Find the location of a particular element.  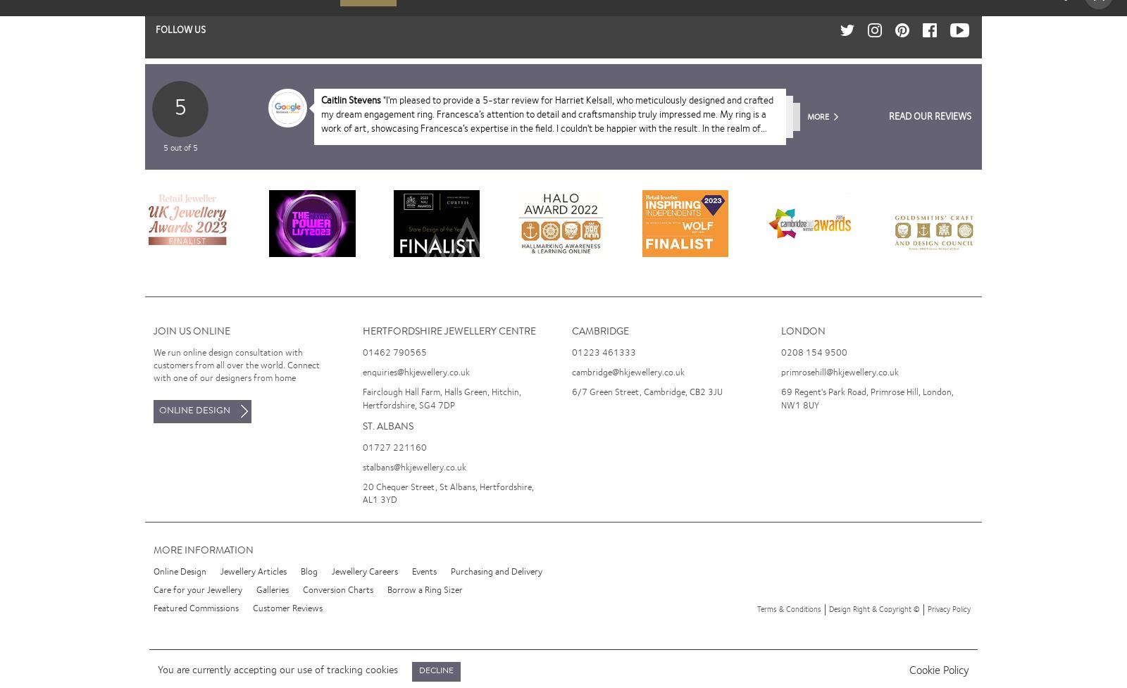

'Follow us' is located at coordinates (180, 30).